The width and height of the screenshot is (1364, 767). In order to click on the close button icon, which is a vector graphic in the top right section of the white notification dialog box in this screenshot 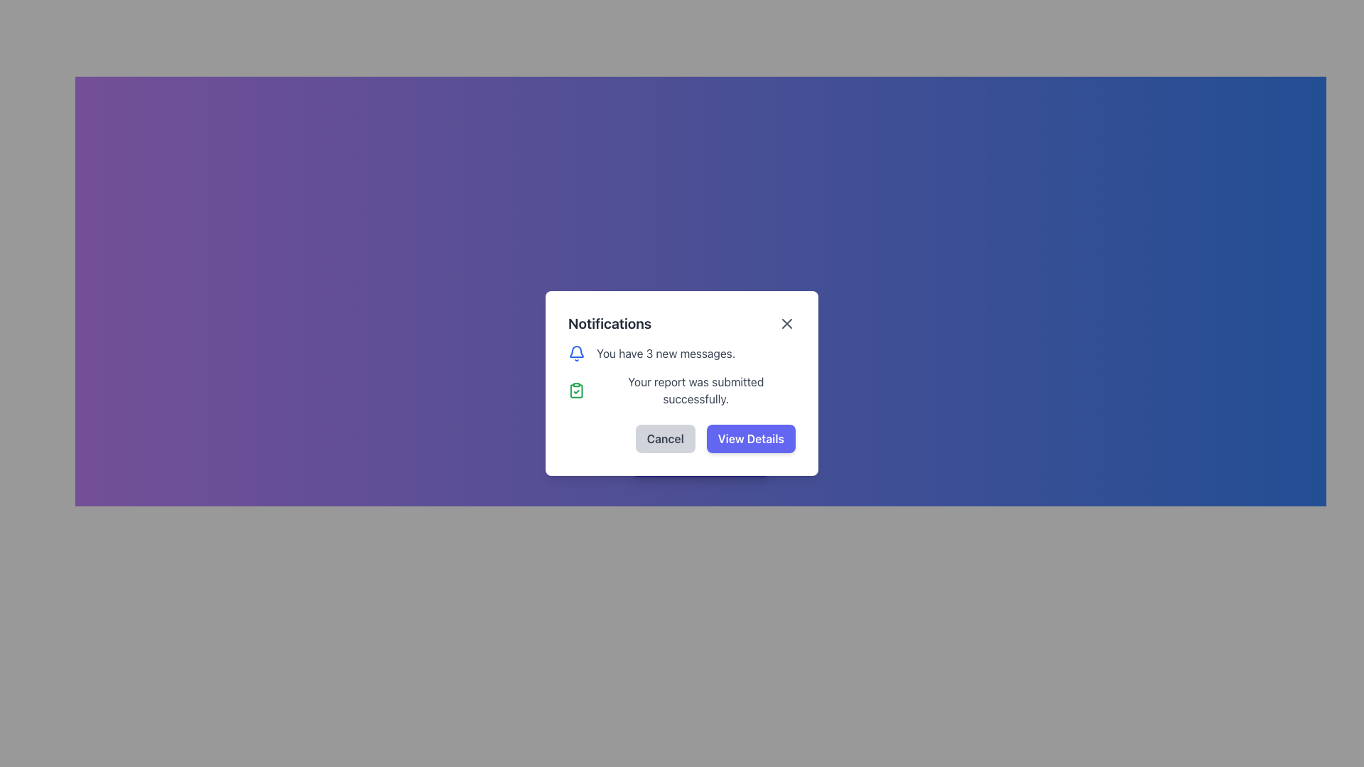, I will do `click(786, 323)`.